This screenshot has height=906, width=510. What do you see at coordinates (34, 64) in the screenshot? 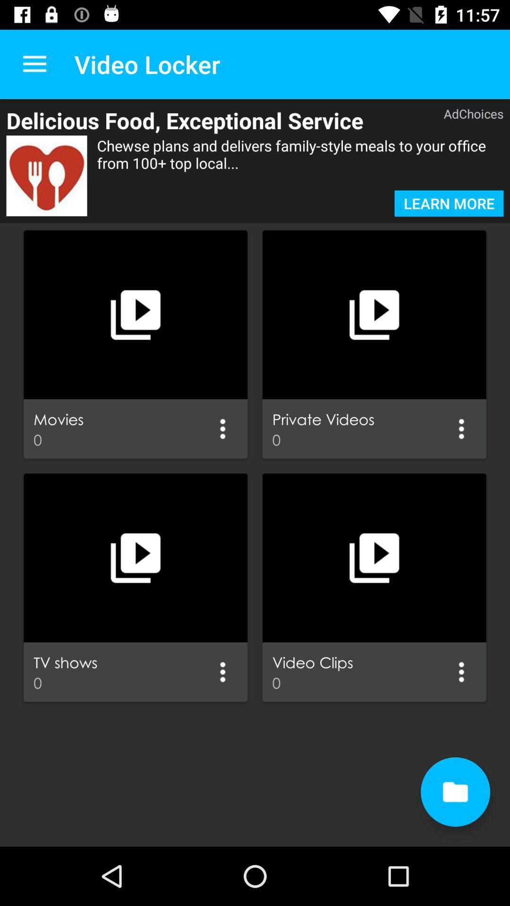
I see `the item next to the video locker item` at bounding box center [34, 64].